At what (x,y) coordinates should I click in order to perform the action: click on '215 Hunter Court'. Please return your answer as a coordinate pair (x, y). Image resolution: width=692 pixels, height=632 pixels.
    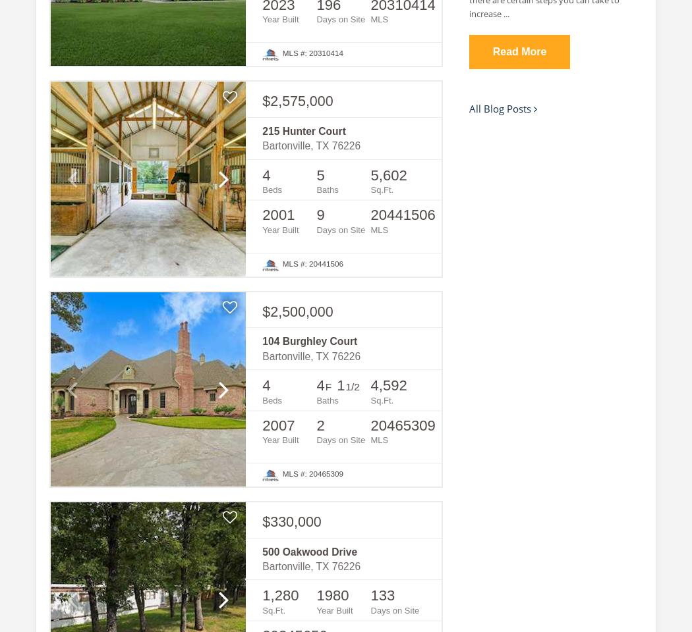
    Looking at the image, I should click on (303, 131).